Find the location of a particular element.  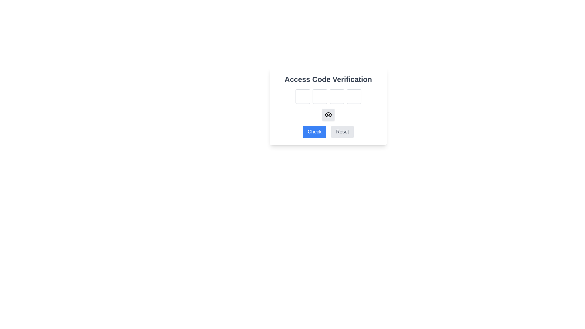

the 'Reset' button, which is a rectangular button with rounded corners, light gray background, and dark gray text, located to the right of the 'Check' button is located at coordinates (342, 131).